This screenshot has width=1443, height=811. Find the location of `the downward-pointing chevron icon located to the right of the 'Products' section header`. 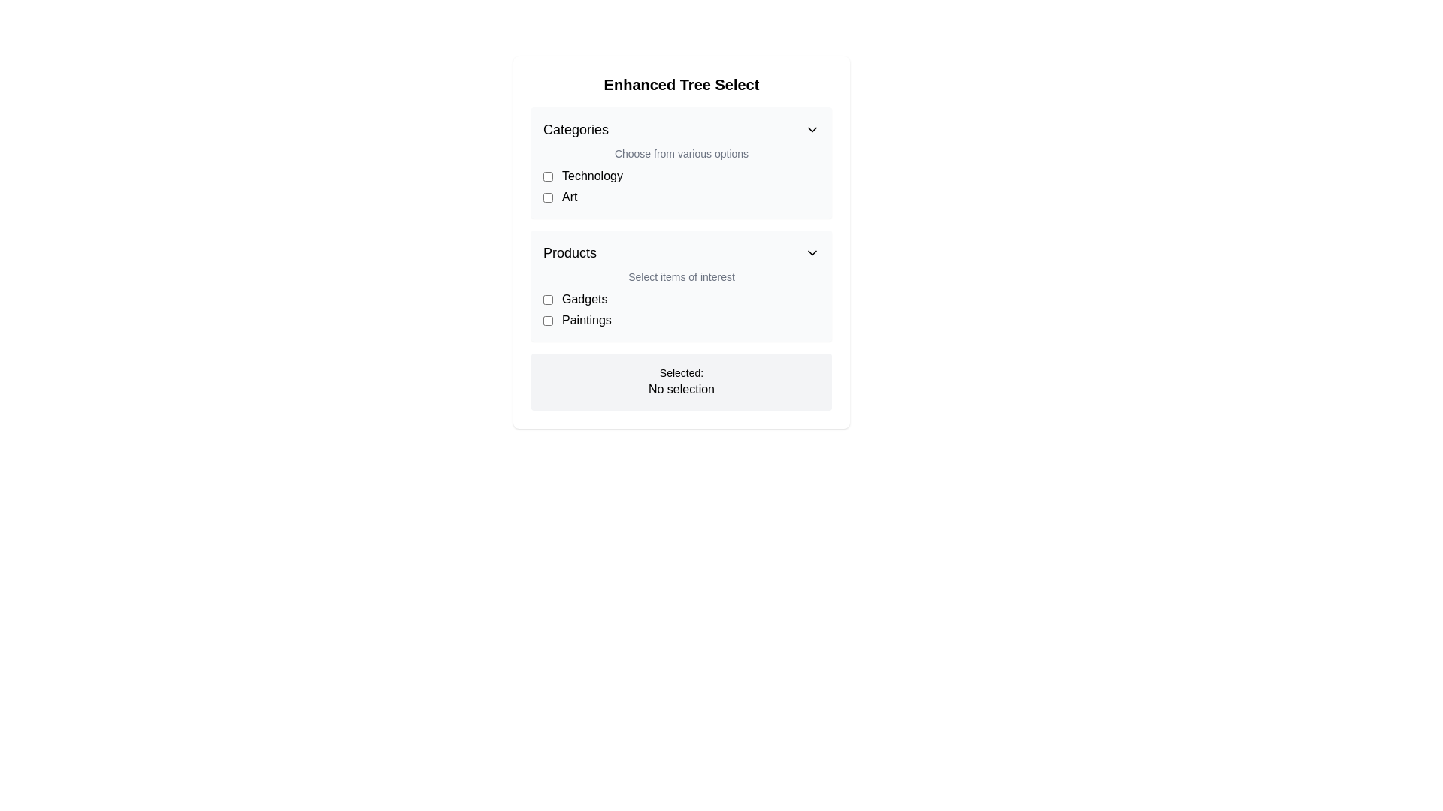

the downward-pointing chevron icon located to the right of the 'Products' section header is located at coordinates (811, 252).